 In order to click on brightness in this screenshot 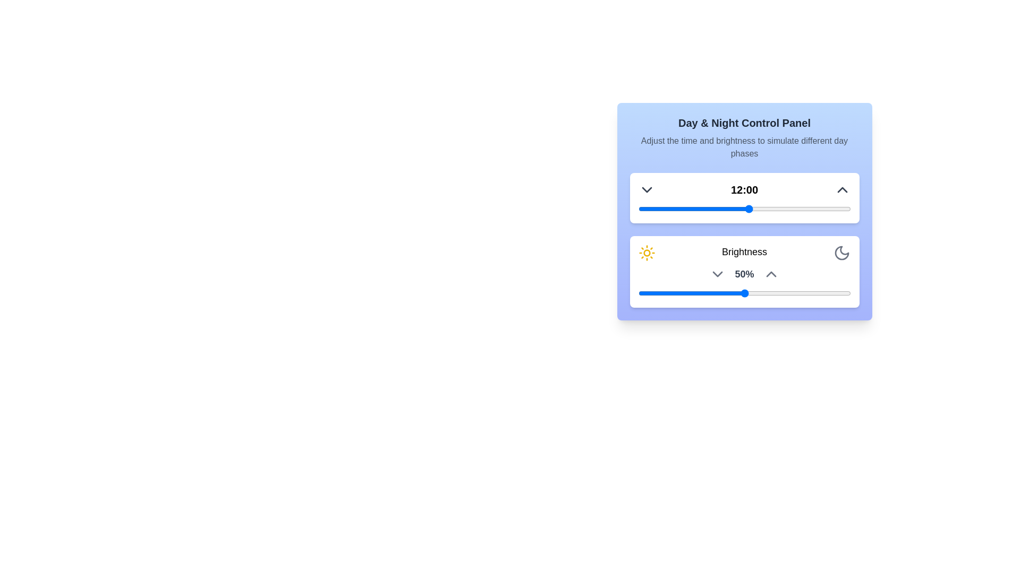, I will do `click(807, 293)`.